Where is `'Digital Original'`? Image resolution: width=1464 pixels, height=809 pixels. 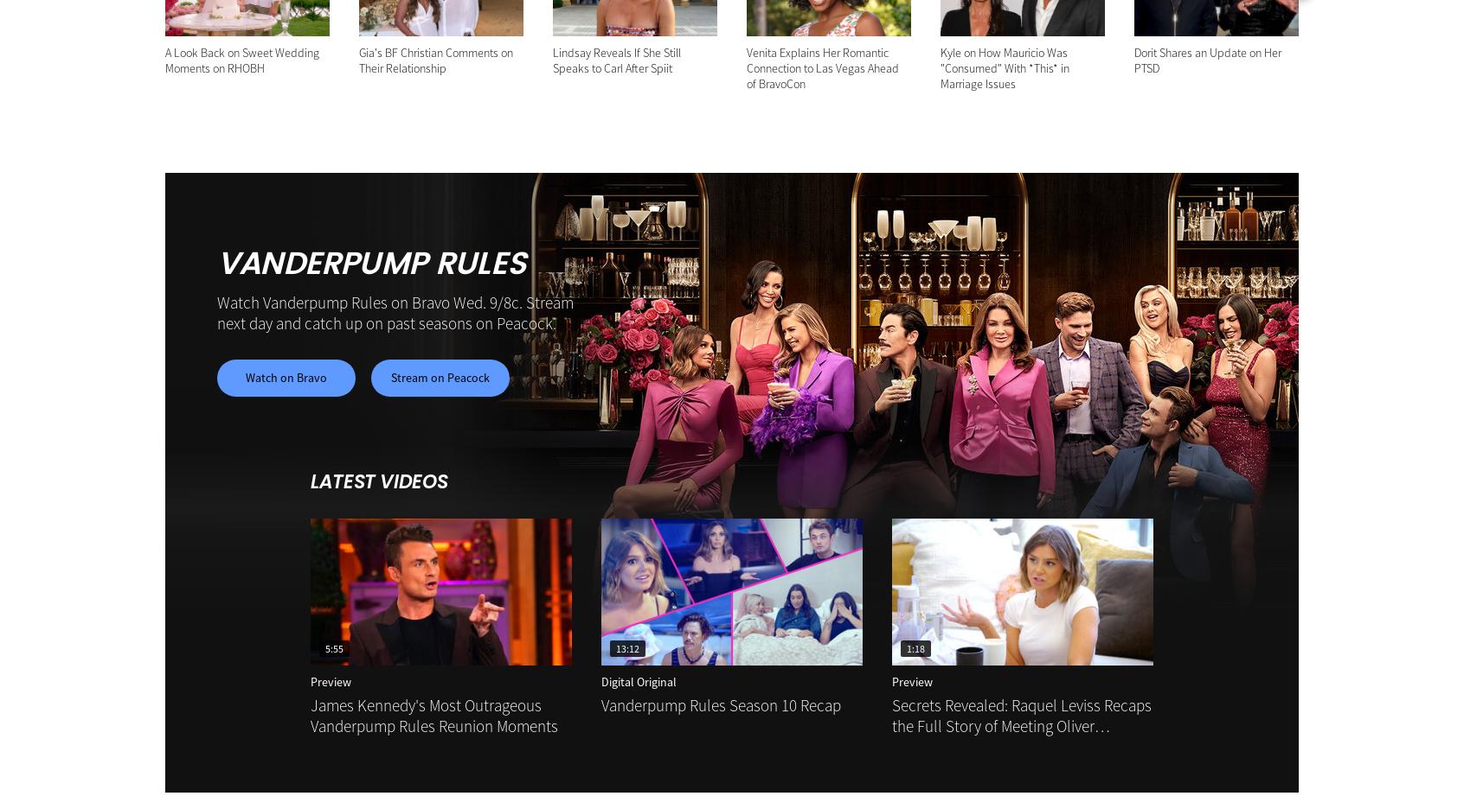 'Digital Original' is located at coordinates (601, 680).